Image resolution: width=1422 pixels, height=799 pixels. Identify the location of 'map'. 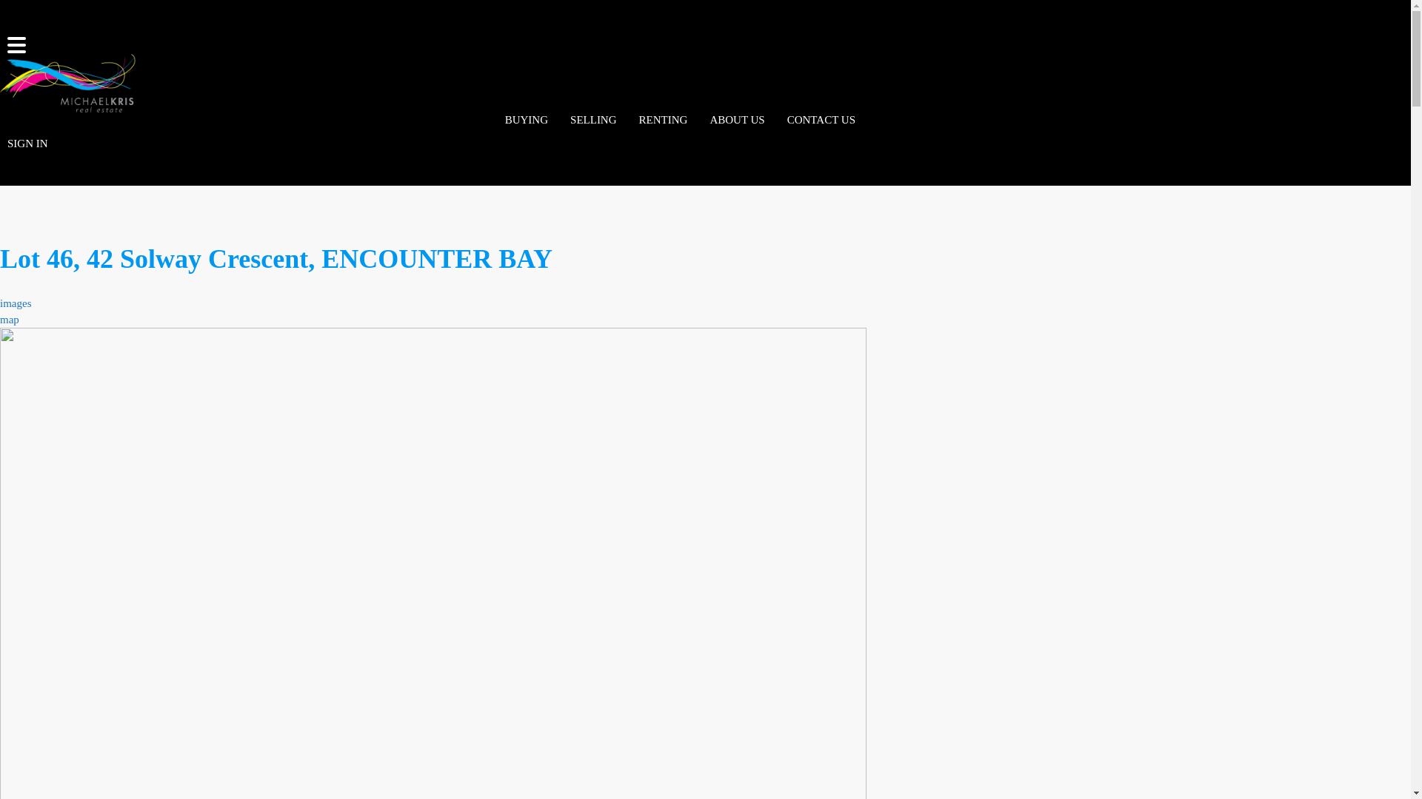
(10, 319).